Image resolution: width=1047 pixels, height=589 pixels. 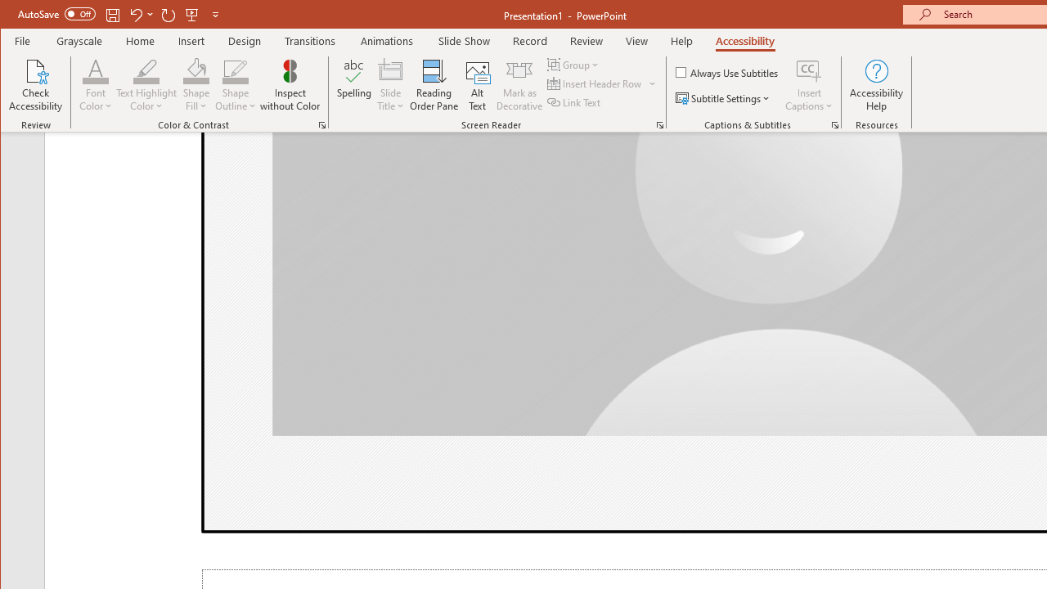 I want to click on 'Insert Header Row', so click(x=595, y=83).